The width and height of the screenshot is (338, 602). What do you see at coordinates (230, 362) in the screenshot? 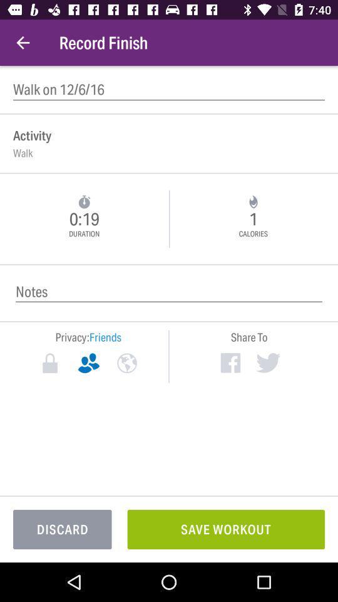
I see `share the article` at bounding box center [230, 362].